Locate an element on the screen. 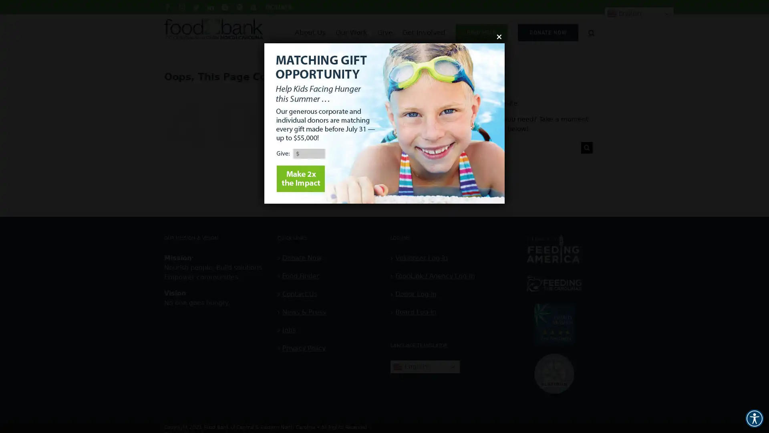 This screenshot has height=433, width=769. Search is located at coordinates (586, 148).